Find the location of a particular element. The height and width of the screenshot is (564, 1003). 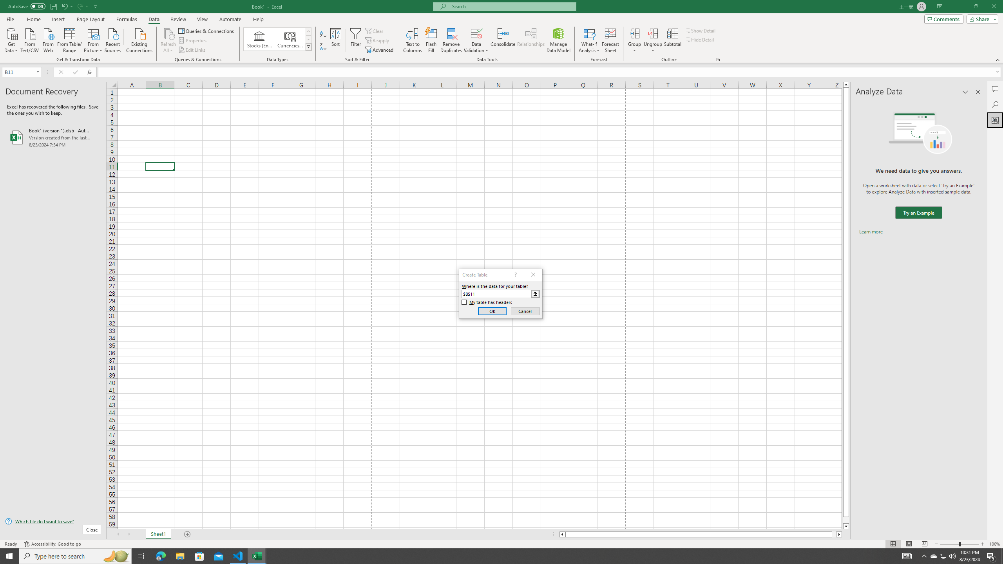

'Consolidate...' is located at coordinates (503, 40).